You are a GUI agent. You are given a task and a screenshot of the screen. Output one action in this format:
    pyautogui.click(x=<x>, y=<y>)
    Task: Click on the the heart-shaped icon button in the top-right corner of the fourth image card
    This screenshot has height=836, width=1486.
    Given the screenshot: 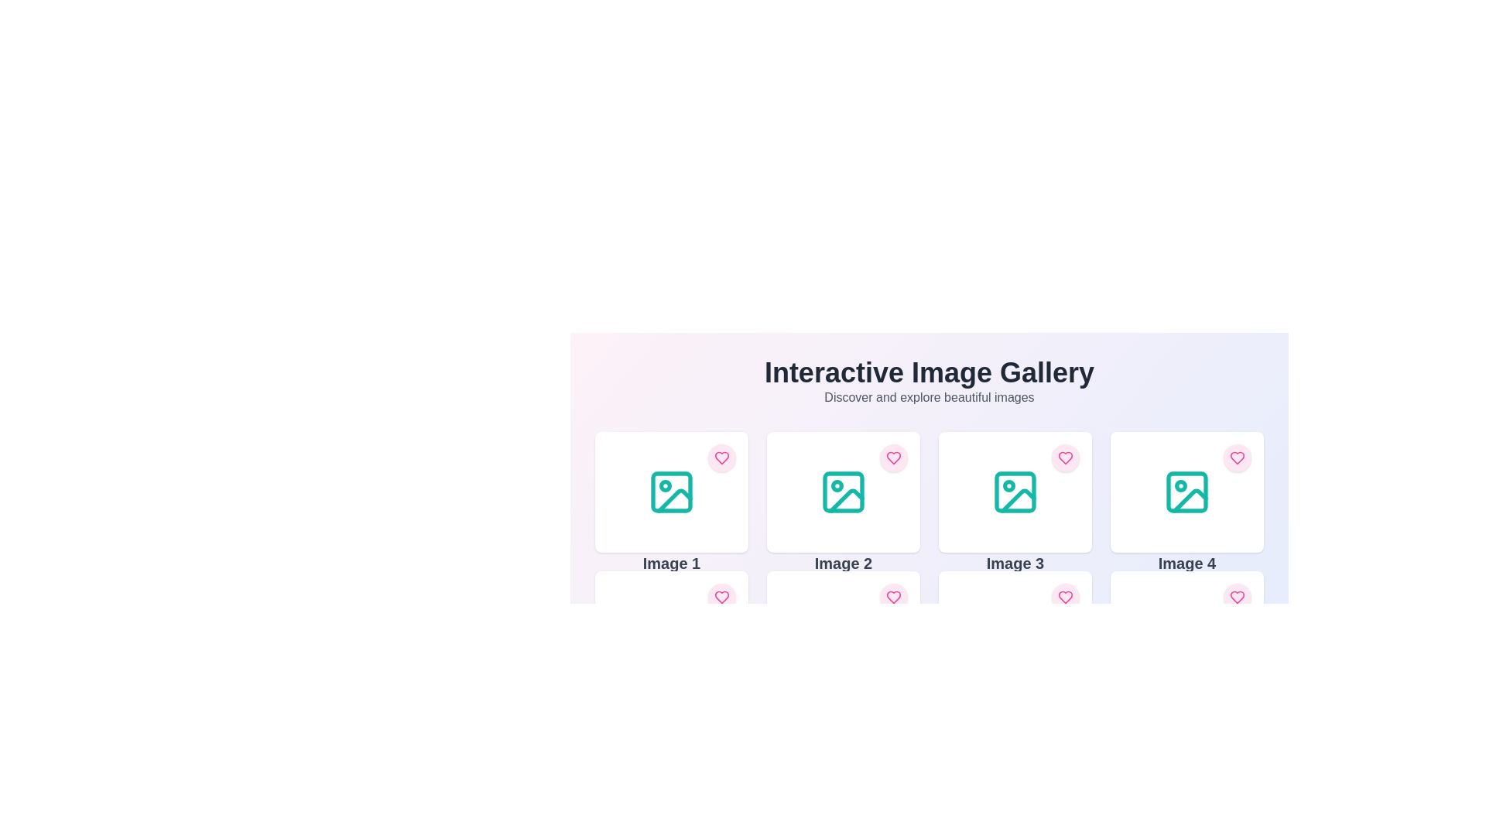 What is the action you would take?
    pyautogui.click(x=1236, y=596)
    